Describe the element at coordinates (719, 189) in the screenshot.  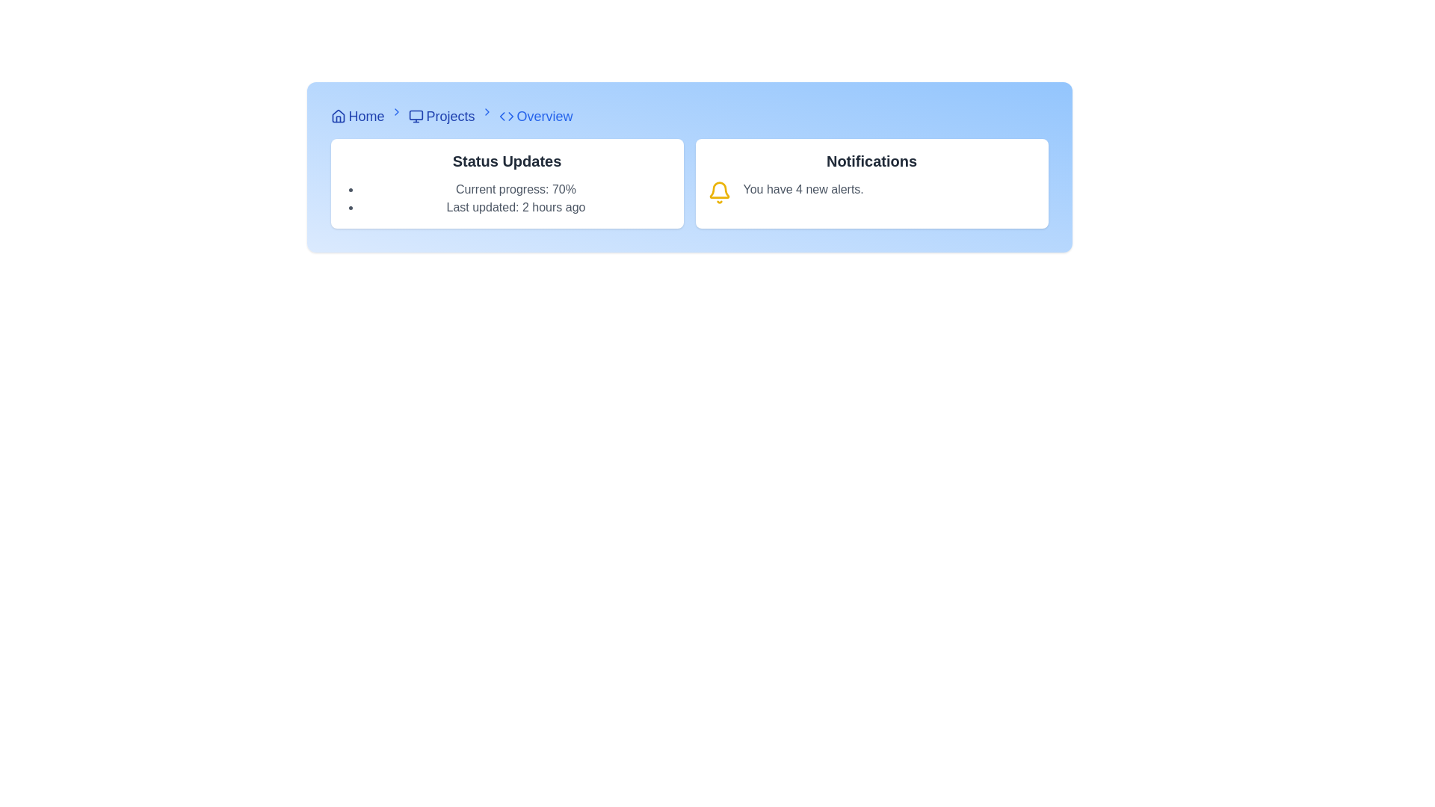
I see `the yellow bell-shaped notification icon located in the right-side column under the 'Notifications' section, which is visually associated with the accompanying text indicating the number of alerts` at that location.